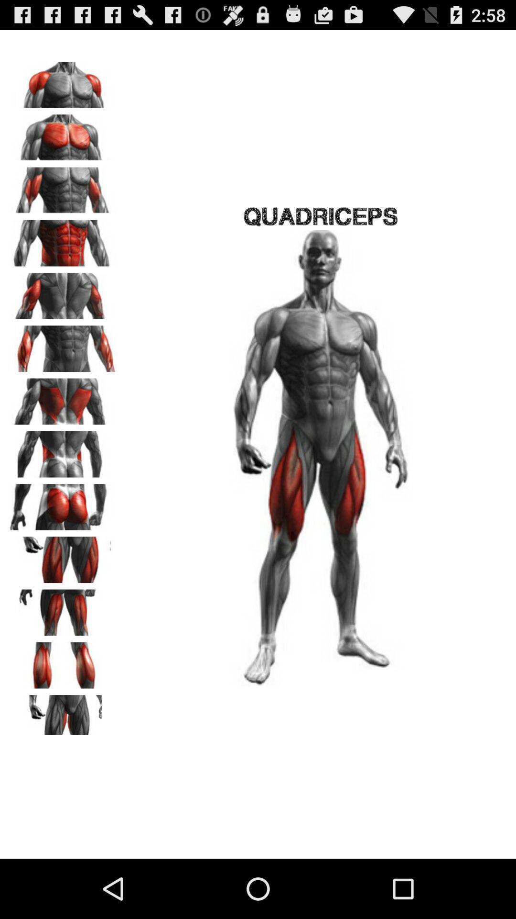 The height and width of the screenshot is (919, 516). What do you see at coordinates (63, 450) in the screenshot?
I see `click back of side` at bounding box center [63, 450].